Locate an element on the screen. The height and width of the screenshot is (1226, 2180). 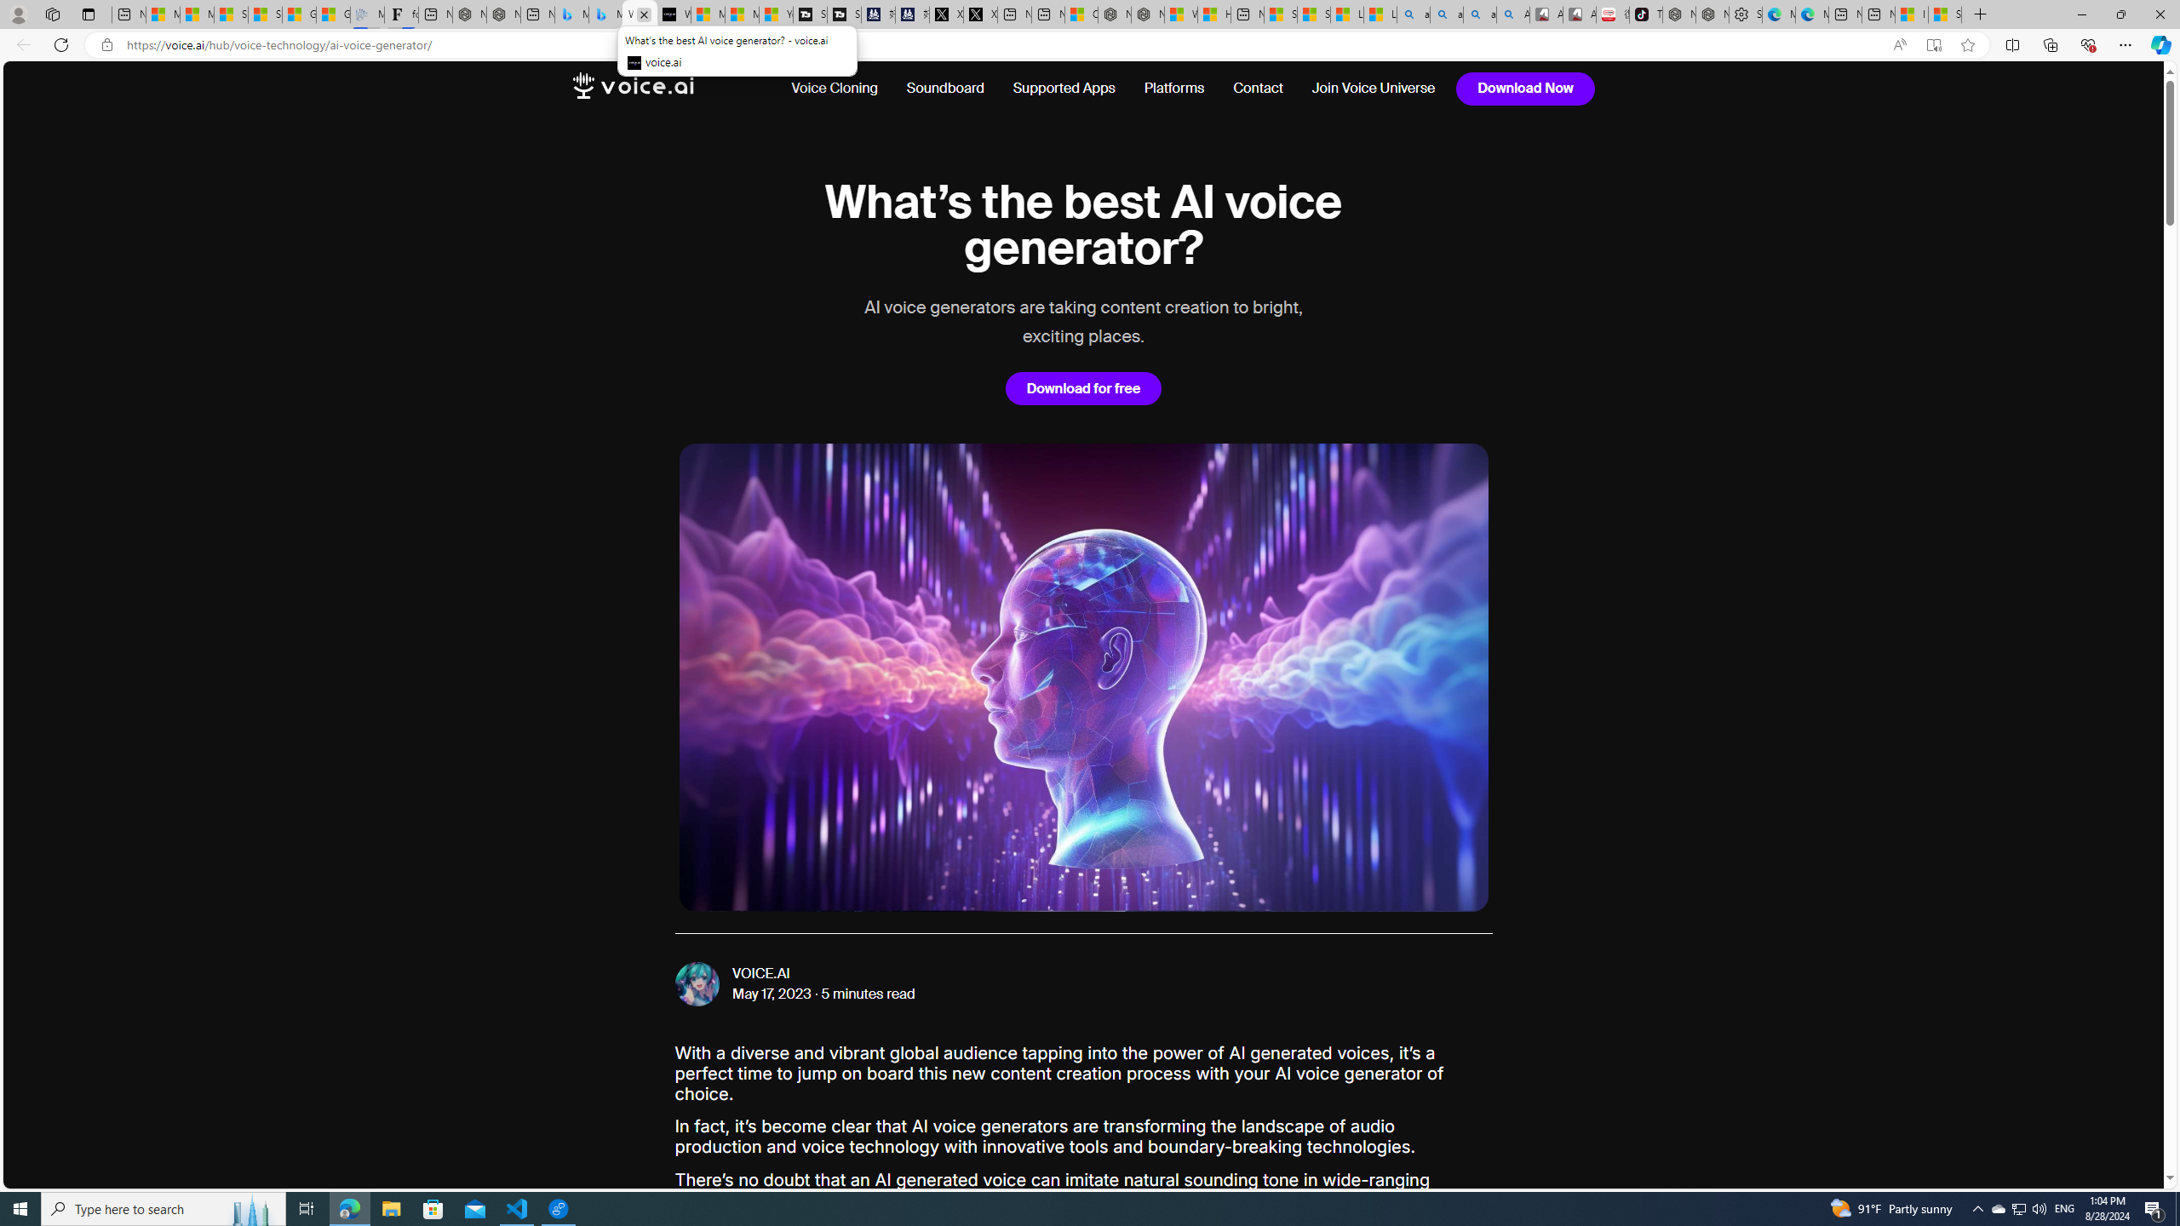
'Microsoft Bing Travel - Shangri-La Hotel Bangkok' is located at coordinates (605, 14).